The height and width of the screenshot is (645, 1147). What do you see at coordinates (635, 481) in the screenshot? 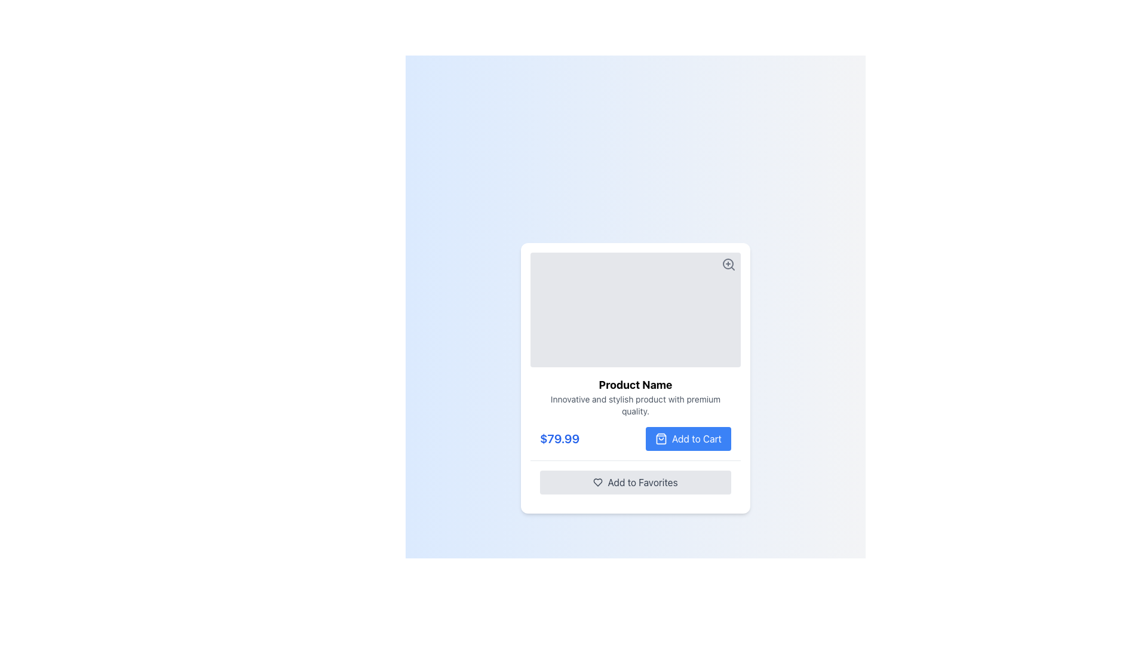
I see `the 'Add to Favorites' button, which is a light gray button with rounded edges and a heart-shaped icon on the left of the black text, located at the bottom of the card layout` at bounding box center [635, 481].